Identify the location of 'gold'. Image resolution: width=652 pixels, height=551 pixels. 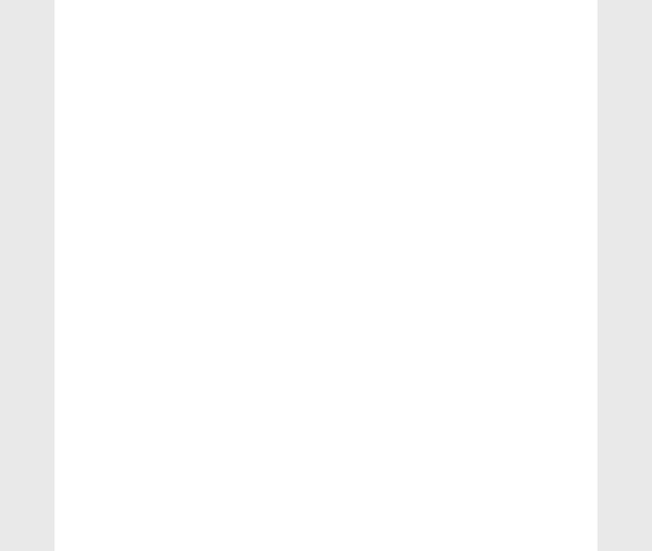
(92, 396).